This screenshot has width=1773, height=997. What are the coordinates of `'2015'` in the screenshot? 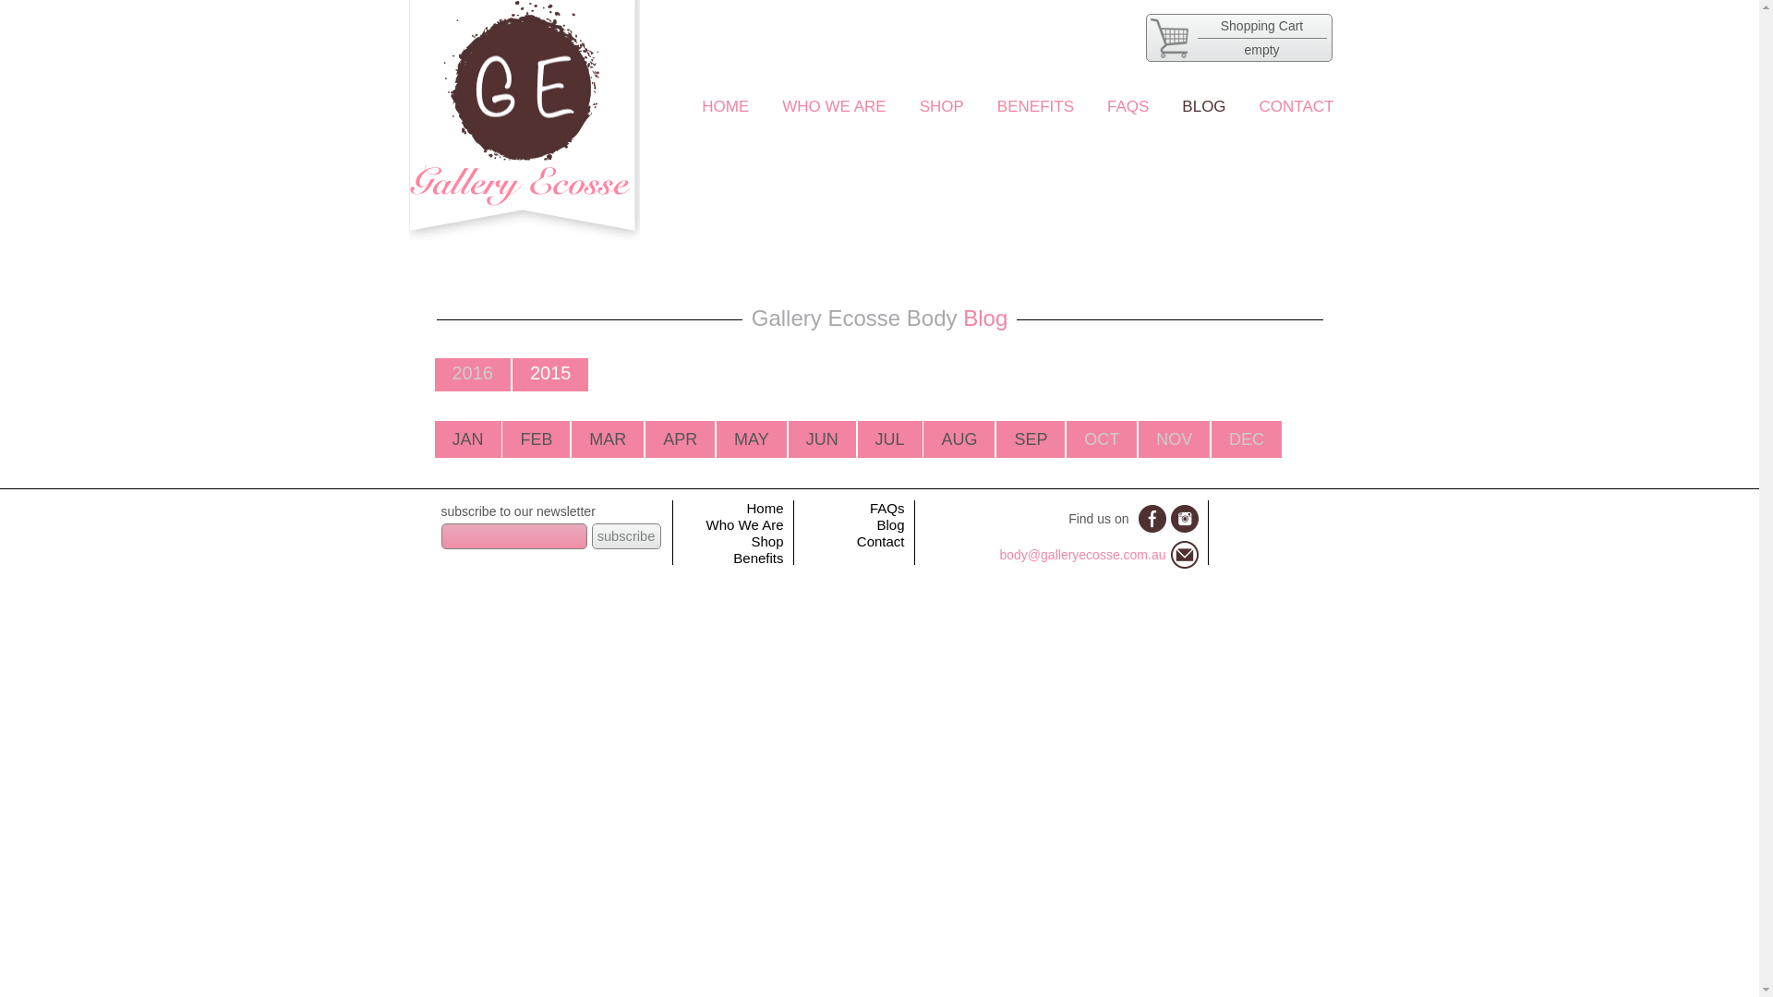 It's located at (549, 373).